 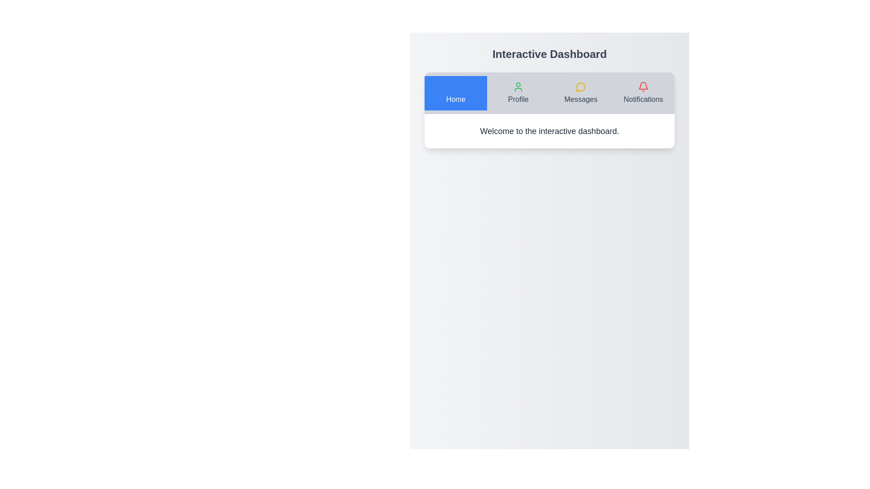 What do you see at coordinates (518, 93) in the screenshot?
I see `the navigation button located second from the left in the navigation bar` at bounding box center [518, 93].